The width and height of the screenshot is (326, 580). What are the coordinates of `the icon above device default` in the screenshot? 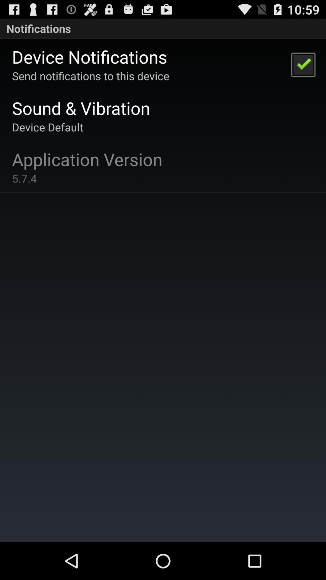 It's located at (81, 108).